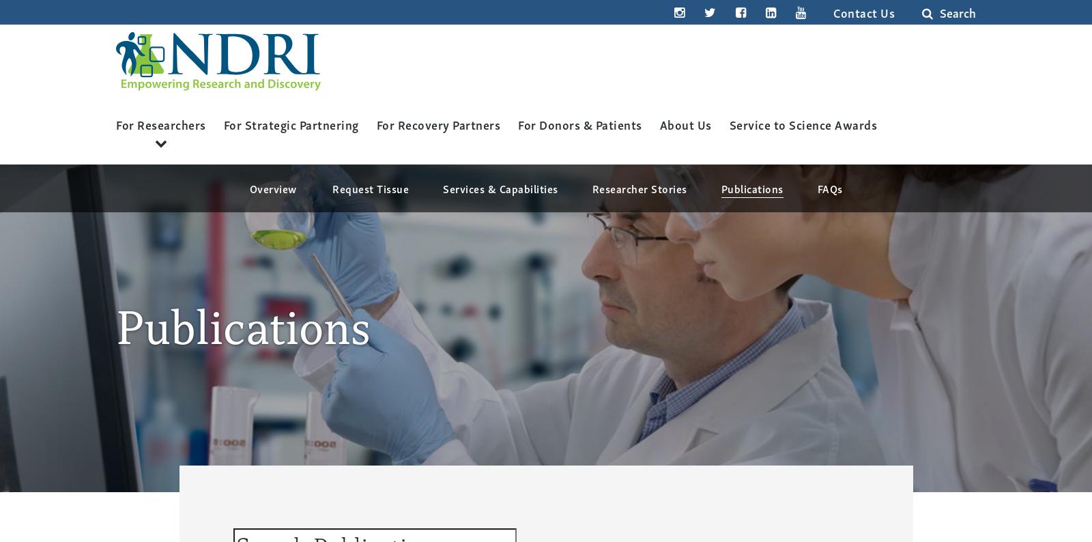 The width and height of the screenshot is (1092, 542). I want to click on 'FAQs', so click(829, 186).